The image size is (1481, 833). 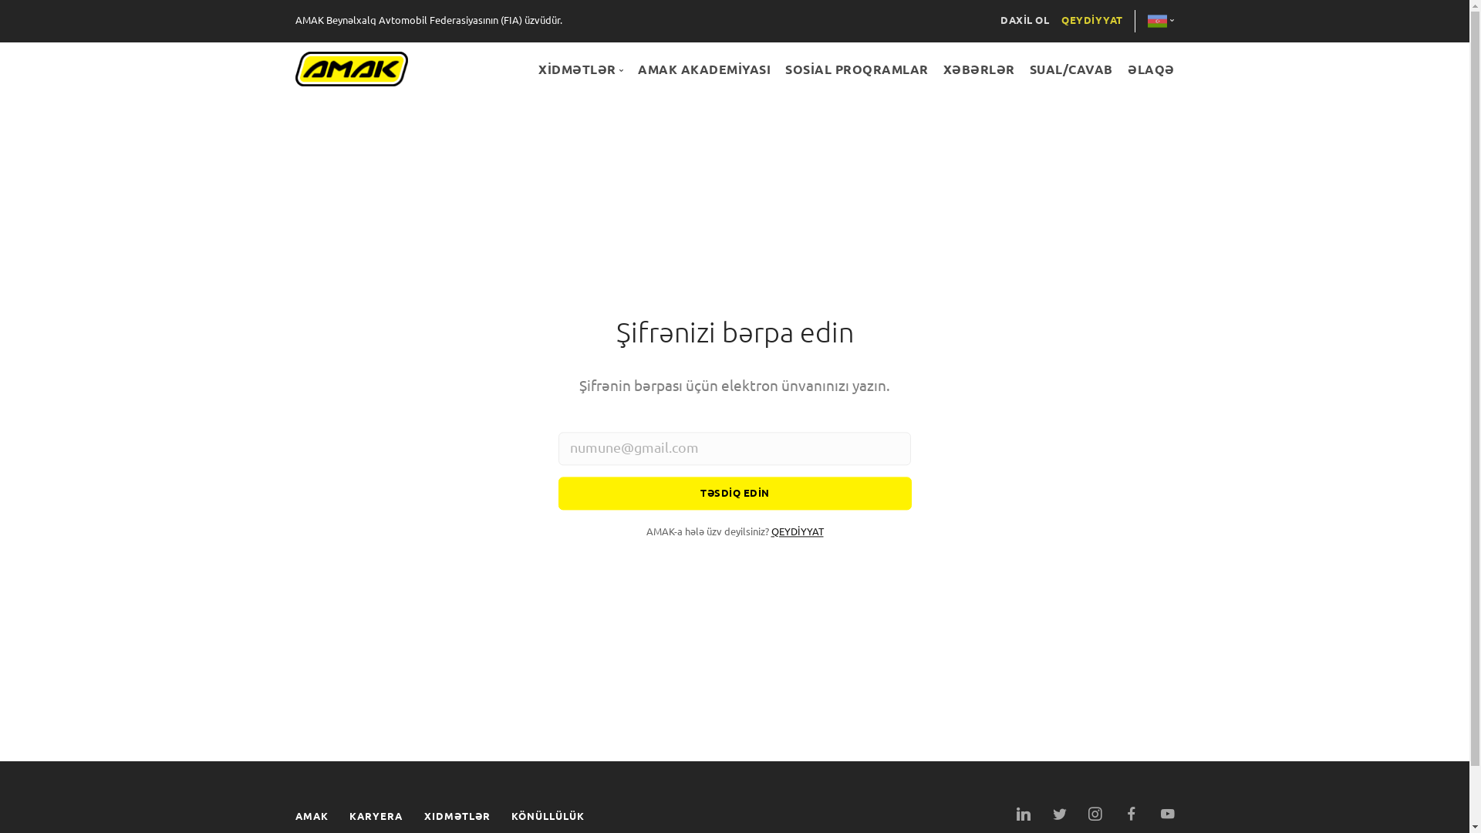 What do you see at coordinates (1070, 69) in the screenshot?
I see `'SUAL/CAVAB'` at bounding box center [1070, 69].